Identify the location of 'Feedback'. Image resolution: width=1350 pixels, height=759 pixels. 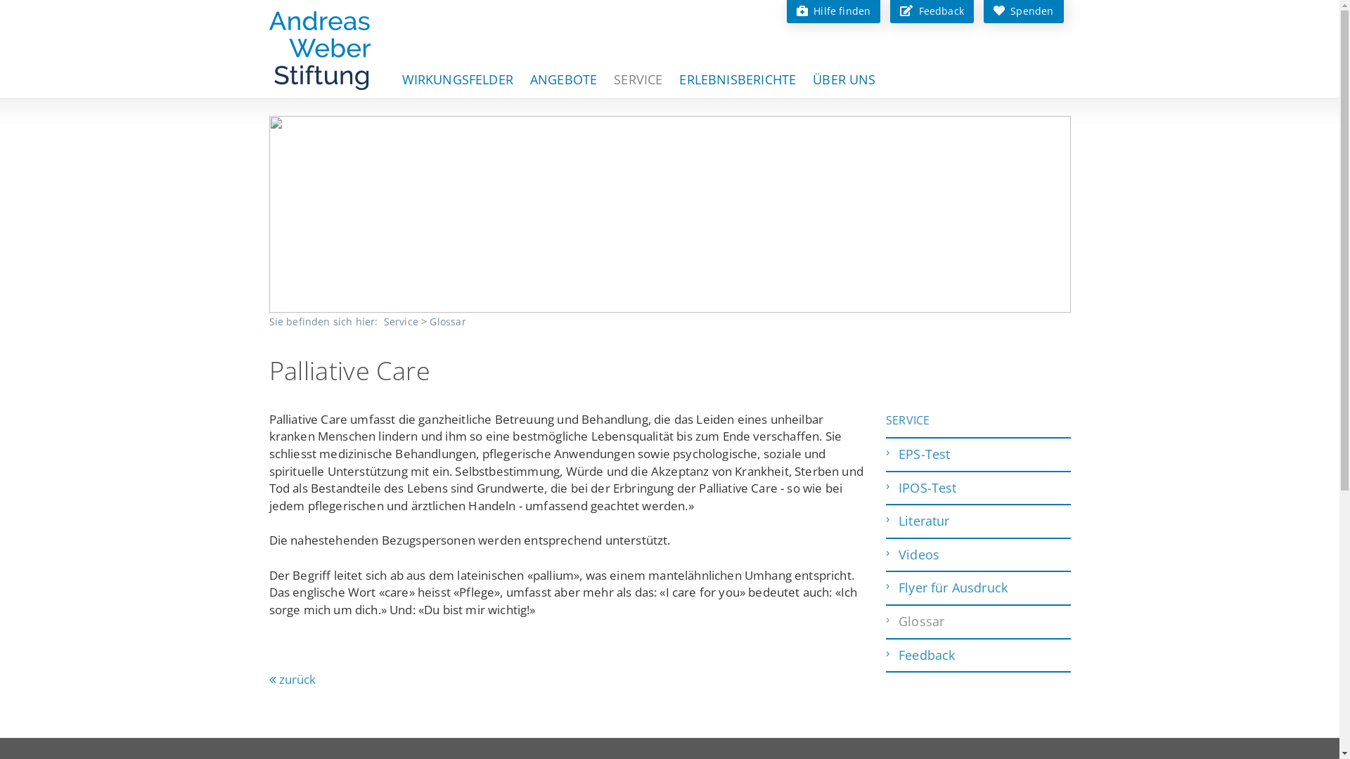
(932, 10).